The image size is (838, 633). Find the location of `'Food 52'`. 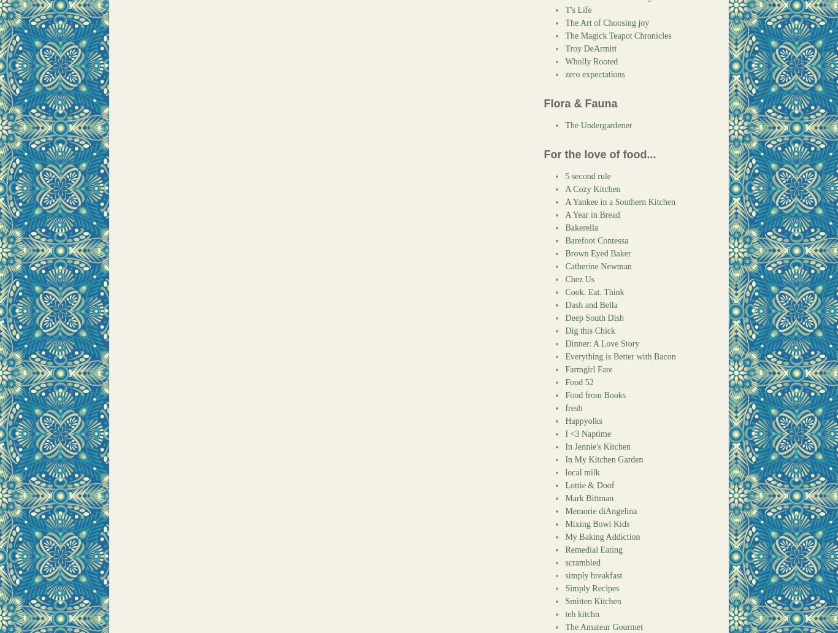

'Food 52' is located at coordinates (579, 382).